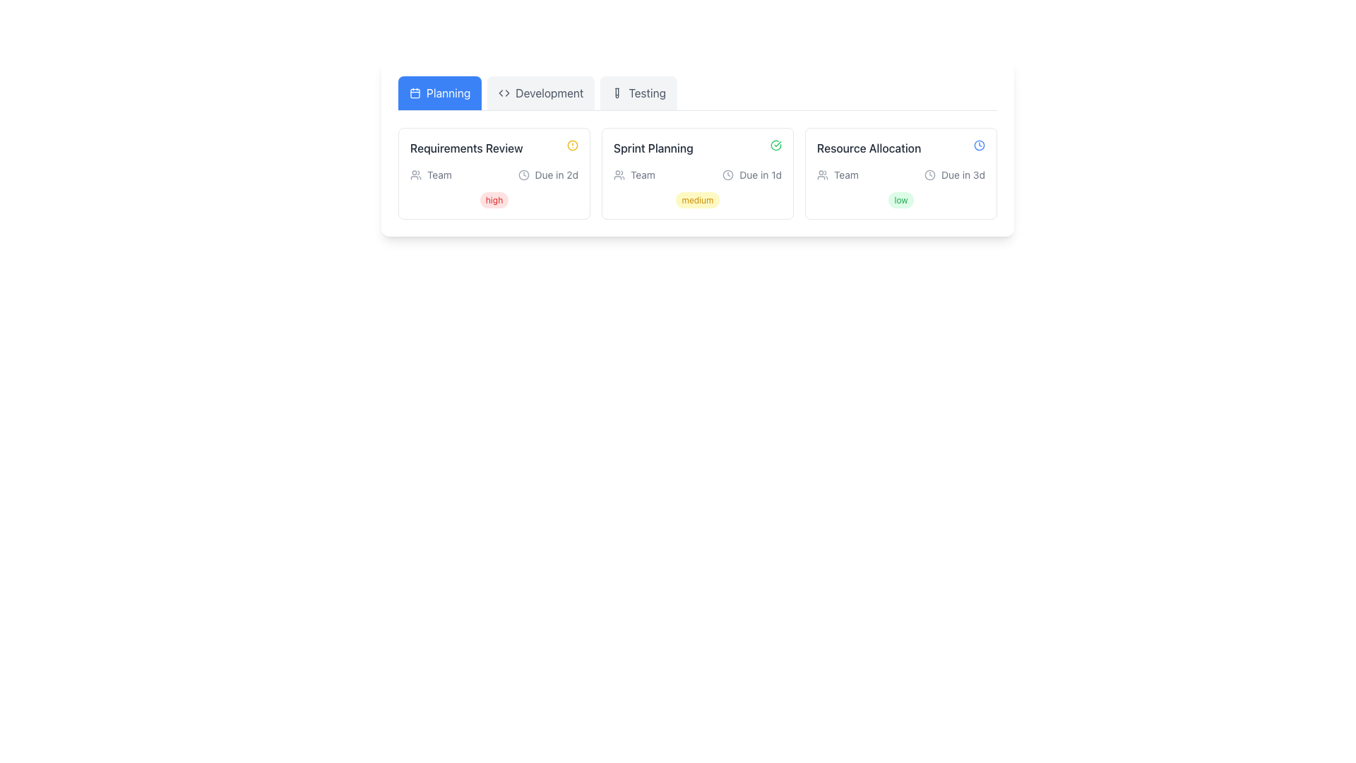 Image resolution: width=1356 pixels, height=763 pixels. What do you see at coordinates (415, 93) in the screenshot?
I see `the 'Planning' tab icon located in the top-left section of the UI, which visually represents schedules or plans` at bounding box center [415, 93].